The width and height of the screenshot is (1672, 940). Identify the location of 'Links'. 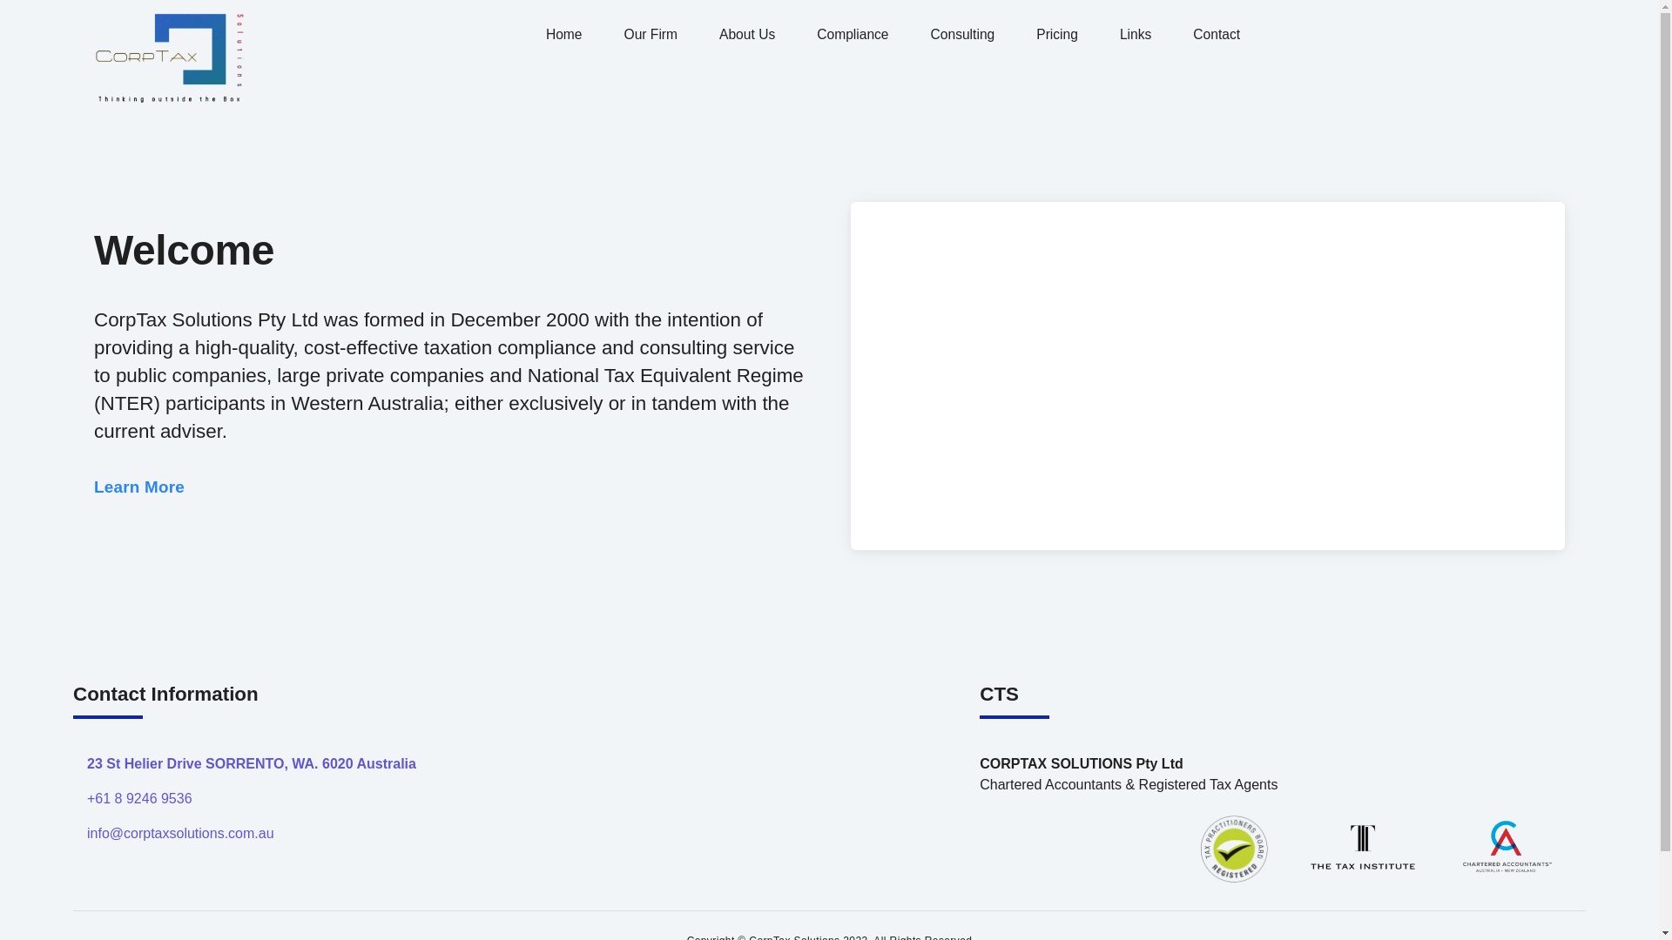
(1105, 34).